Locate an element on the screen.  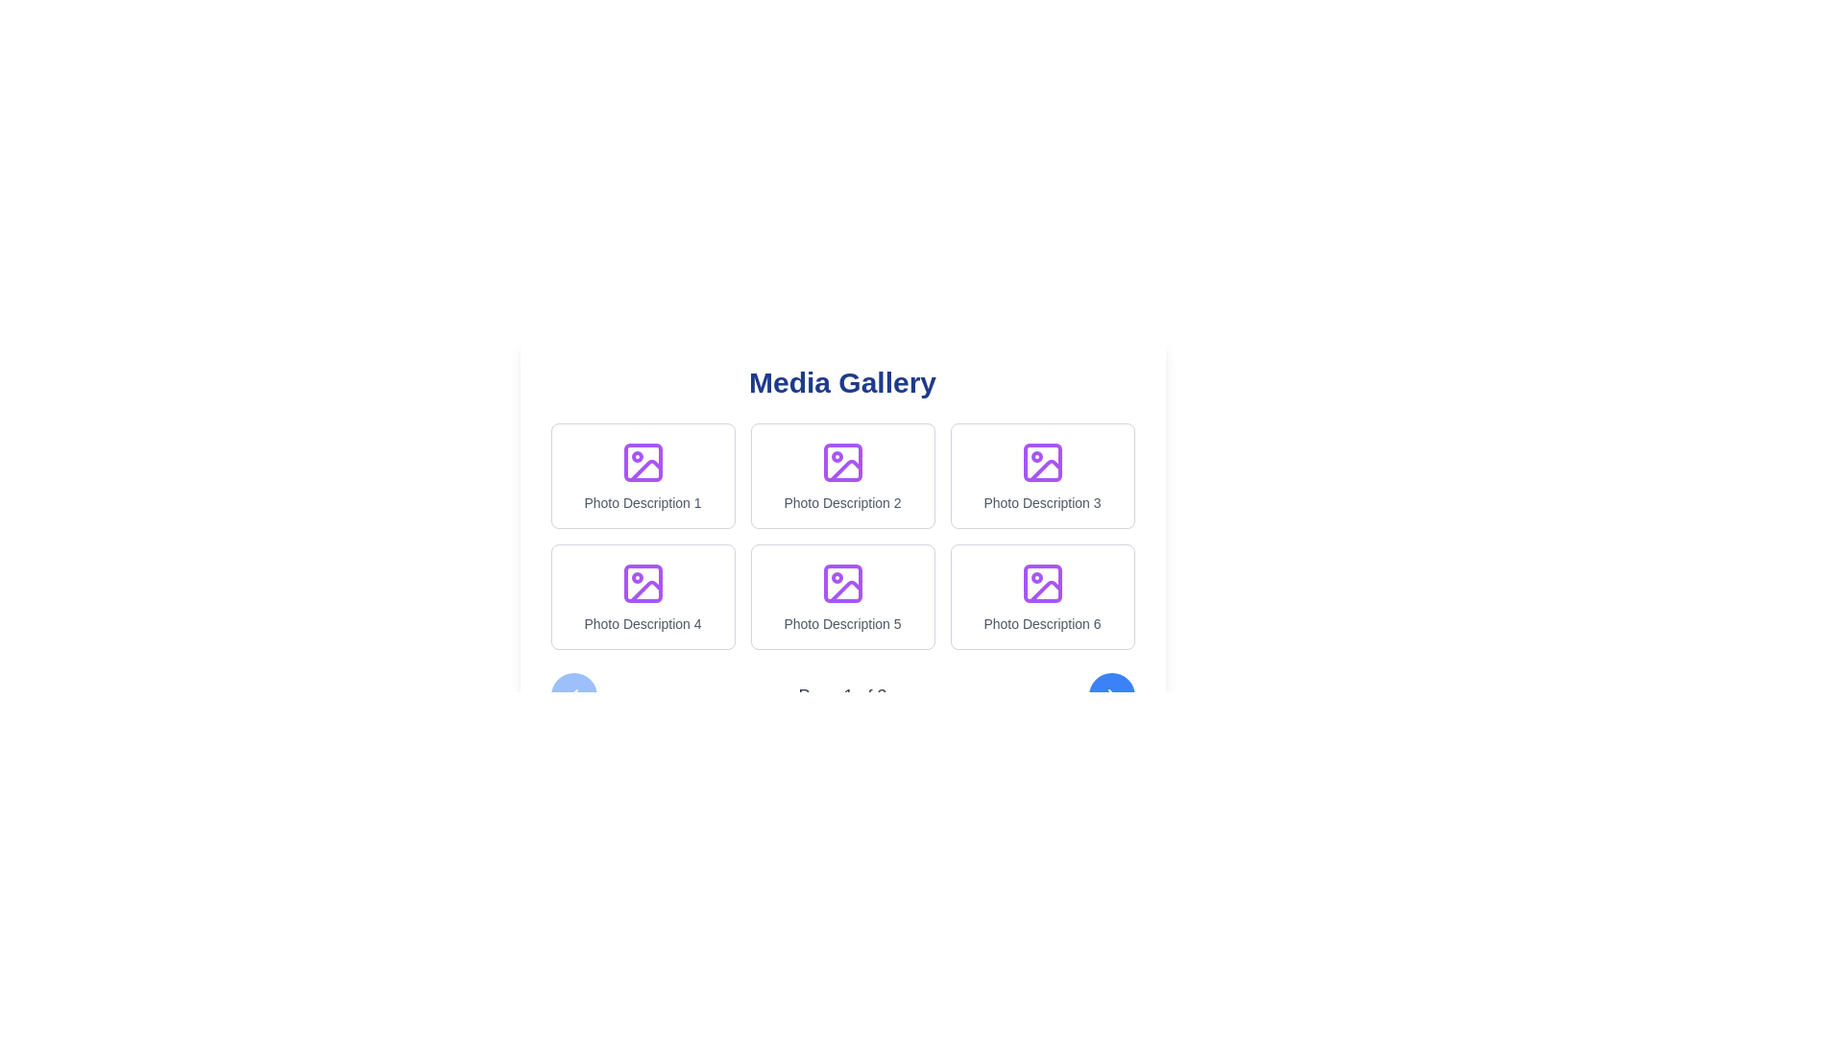
the decorative shape within the media gallery icon, which is centrally aligned in the fifth position of the grid layout and has a purple hue is located at coordinates (842, 583).